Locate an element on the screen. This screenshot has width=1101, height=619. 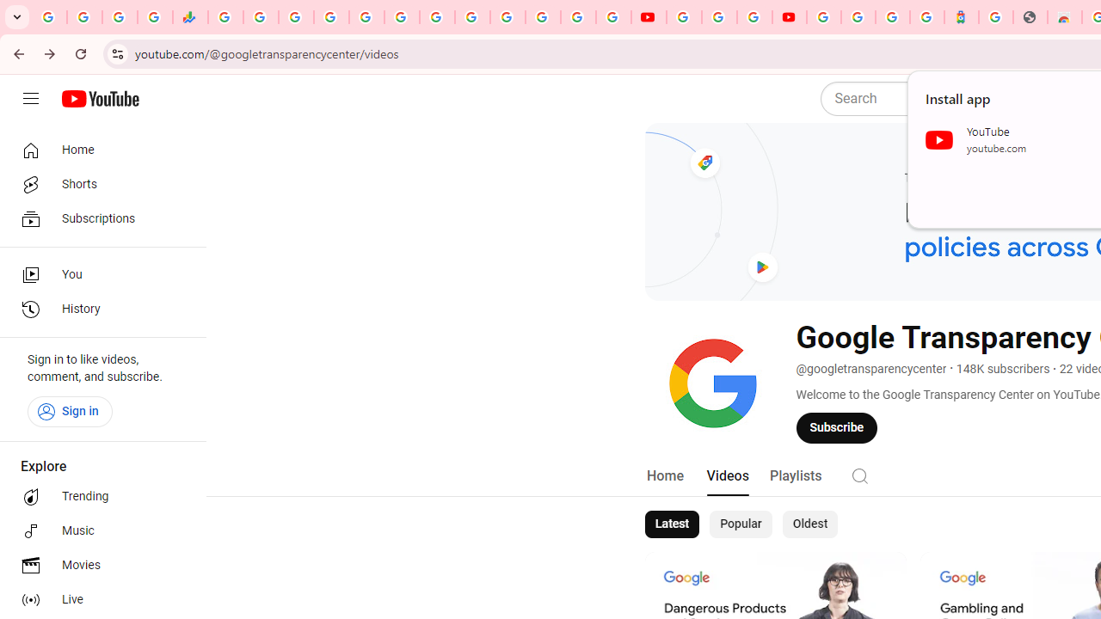
'Home' is located at coordinates (664, 475).